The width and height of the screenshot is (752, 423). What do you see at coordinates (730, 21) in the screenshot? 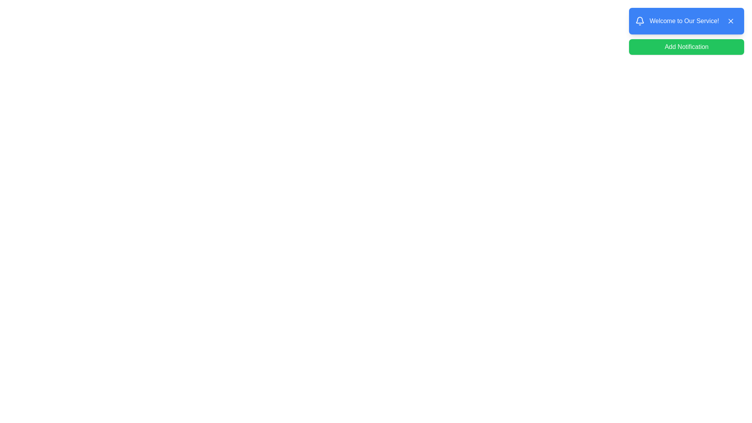
I see `the small 'X' icon button located at the top right corner of the blue notification banner` at bounding box center [730, 21].